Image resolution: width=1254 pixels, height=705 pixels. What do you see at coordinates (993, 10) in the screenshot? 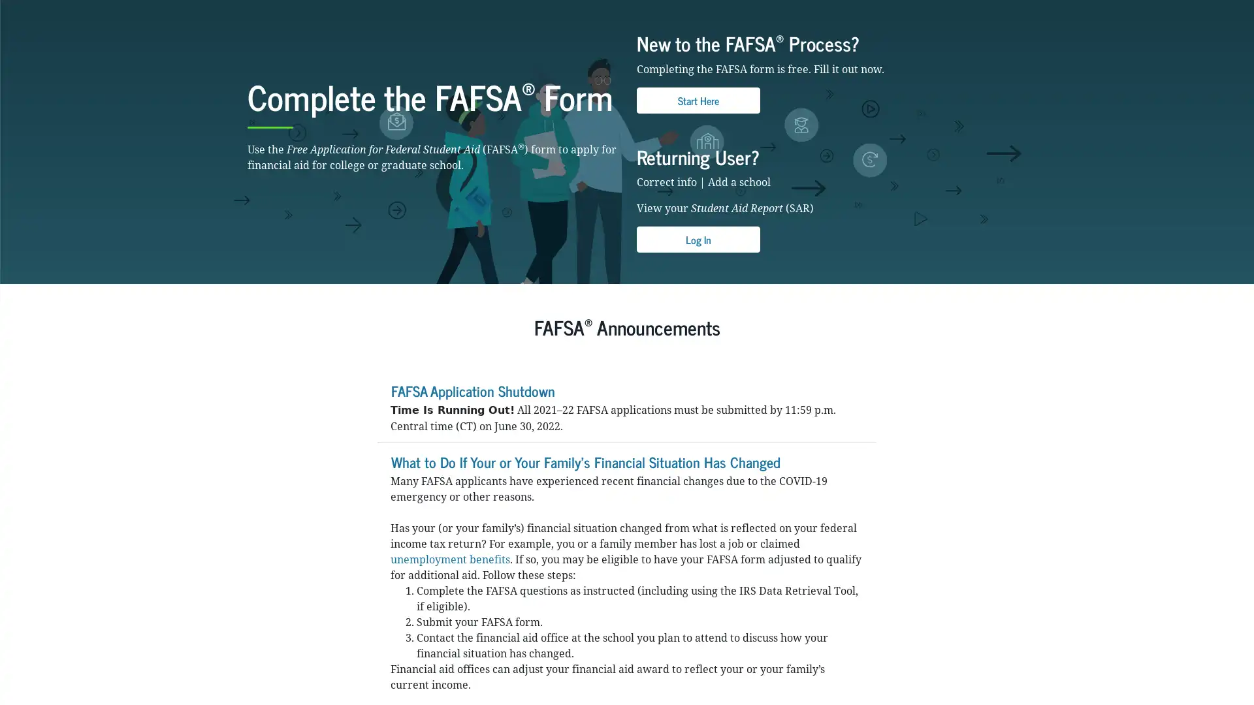
I see `Espanol` at bounding box center [993, 10].